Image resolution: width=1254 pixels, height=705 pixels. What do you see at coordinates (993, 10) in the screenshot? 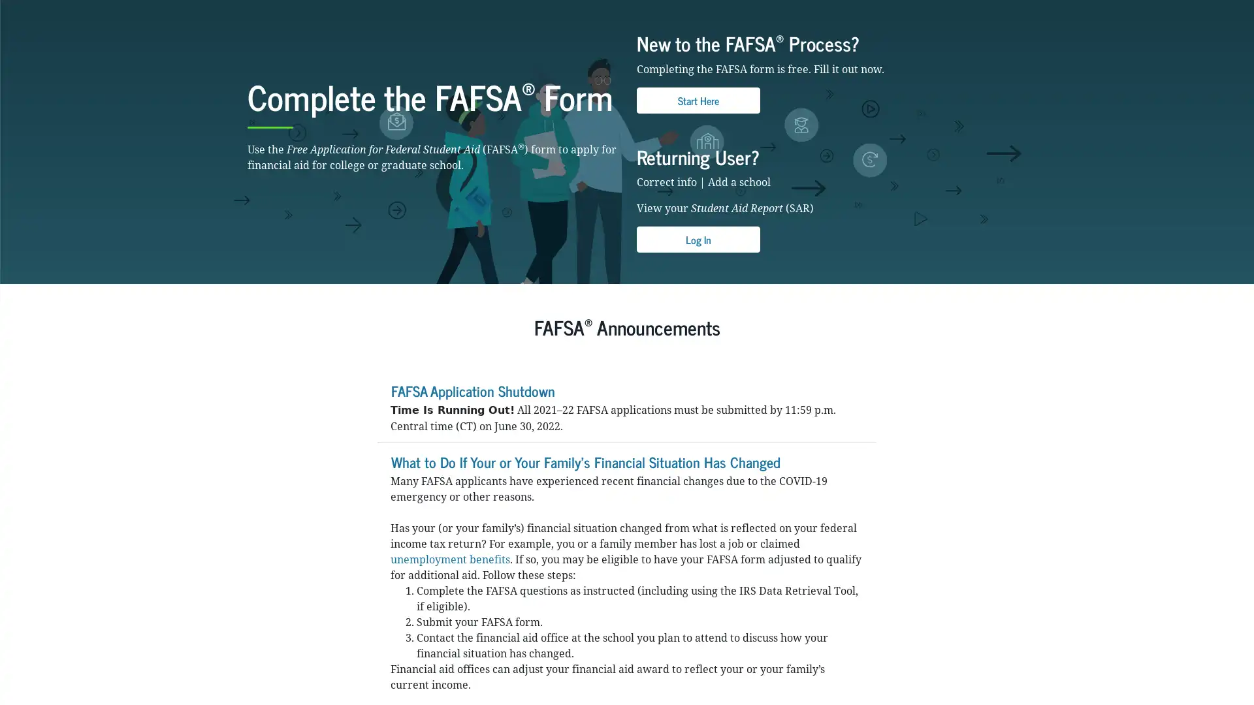
I see `Espanol` at bounding box center [993, 10].